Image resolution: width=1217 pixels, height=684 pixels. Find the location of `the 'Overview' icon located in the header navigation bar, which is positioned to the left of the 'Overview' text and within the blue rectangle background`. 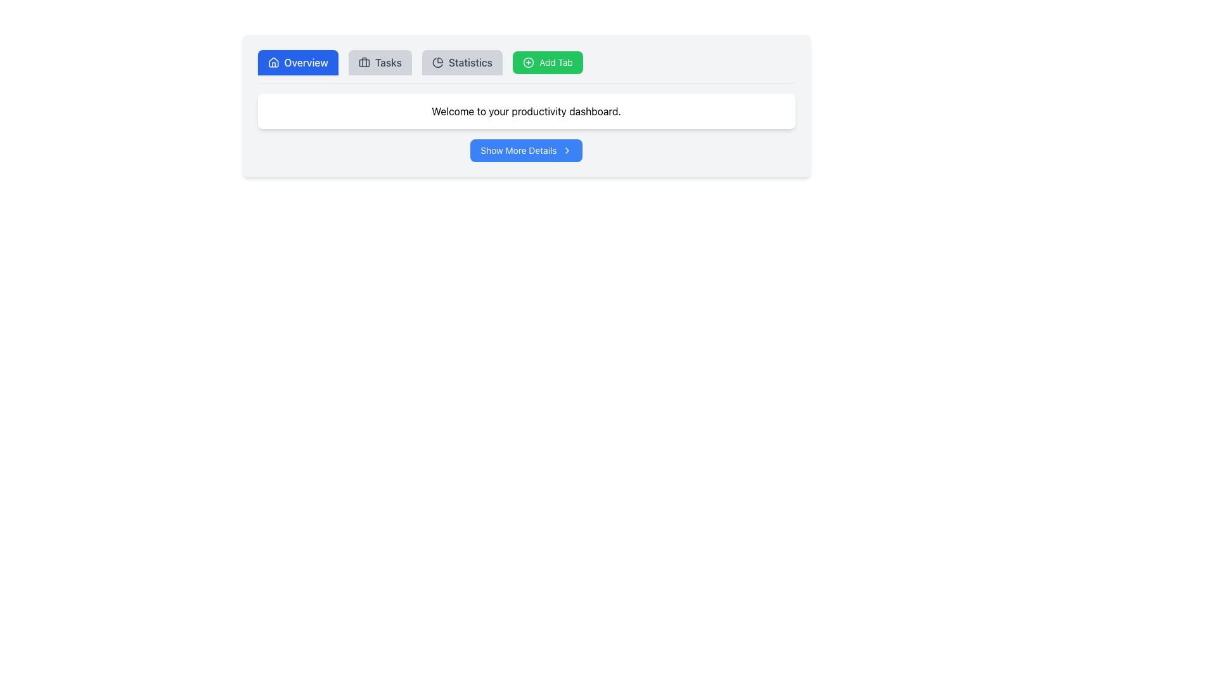

the 'Overview' icon located in the header navigation bar, which is positioned to the left of the 'Overview' text and within the blue rectangle background is located at coordinates (273, 63).